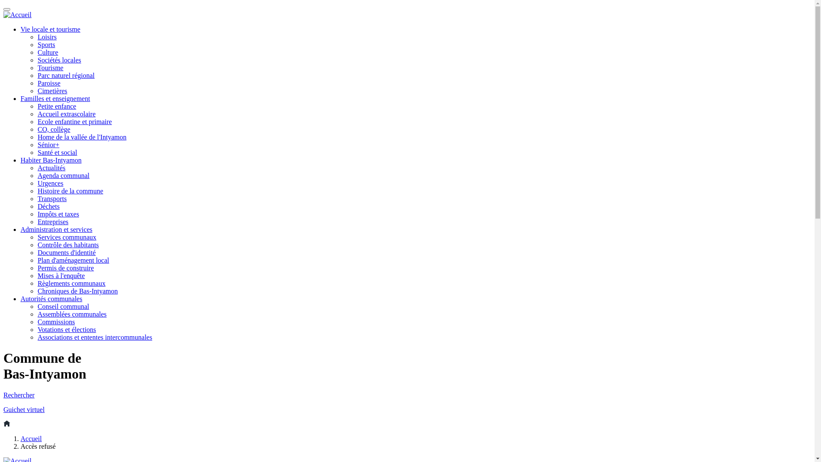  Describe the element at coordinates (55, 98) in the screenshot. I see `'Familles et enseignement'` at that location.